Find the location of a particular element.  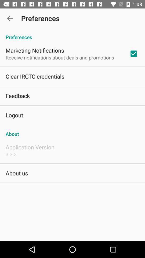

icon below 3.3.3 item is located at coordinates (17, 173).